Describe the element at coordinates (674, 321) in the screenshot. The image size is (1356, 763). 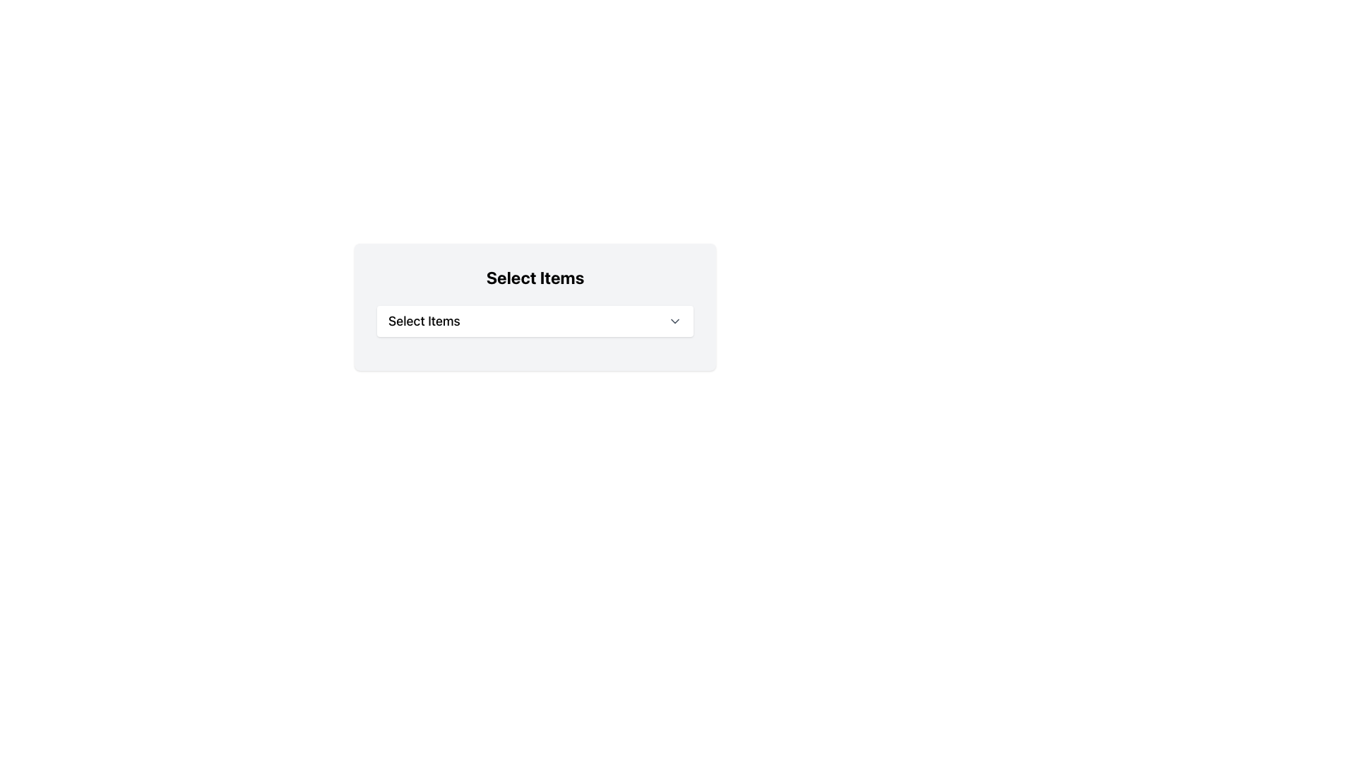
I see `the SVG Icon located next to the 'Select Items' text` at that location.